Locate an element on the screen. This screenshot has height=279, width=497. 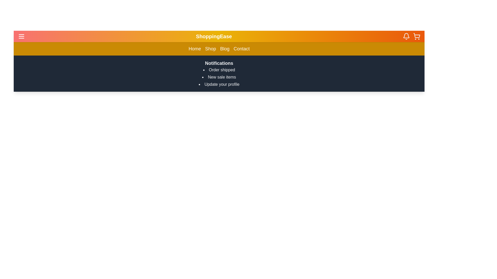
the 'Shop' navigation link, which is the second item in the horizontal navigation bar with an orange gradient background and white text is located at coordinates (210, 49).